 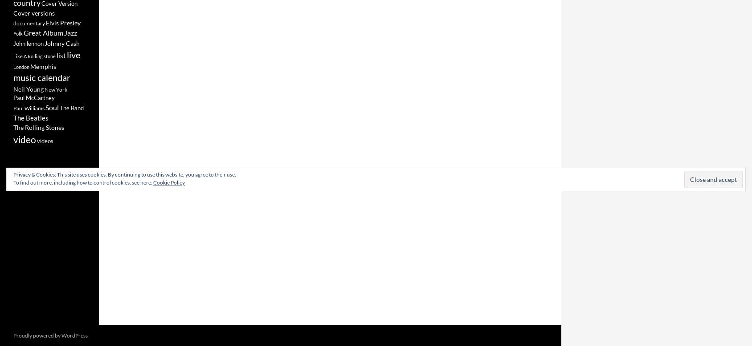 What do you see at coordinates (72, 107) in the screenshot?
I see `'The Band'` at bounding box center [72, 107].